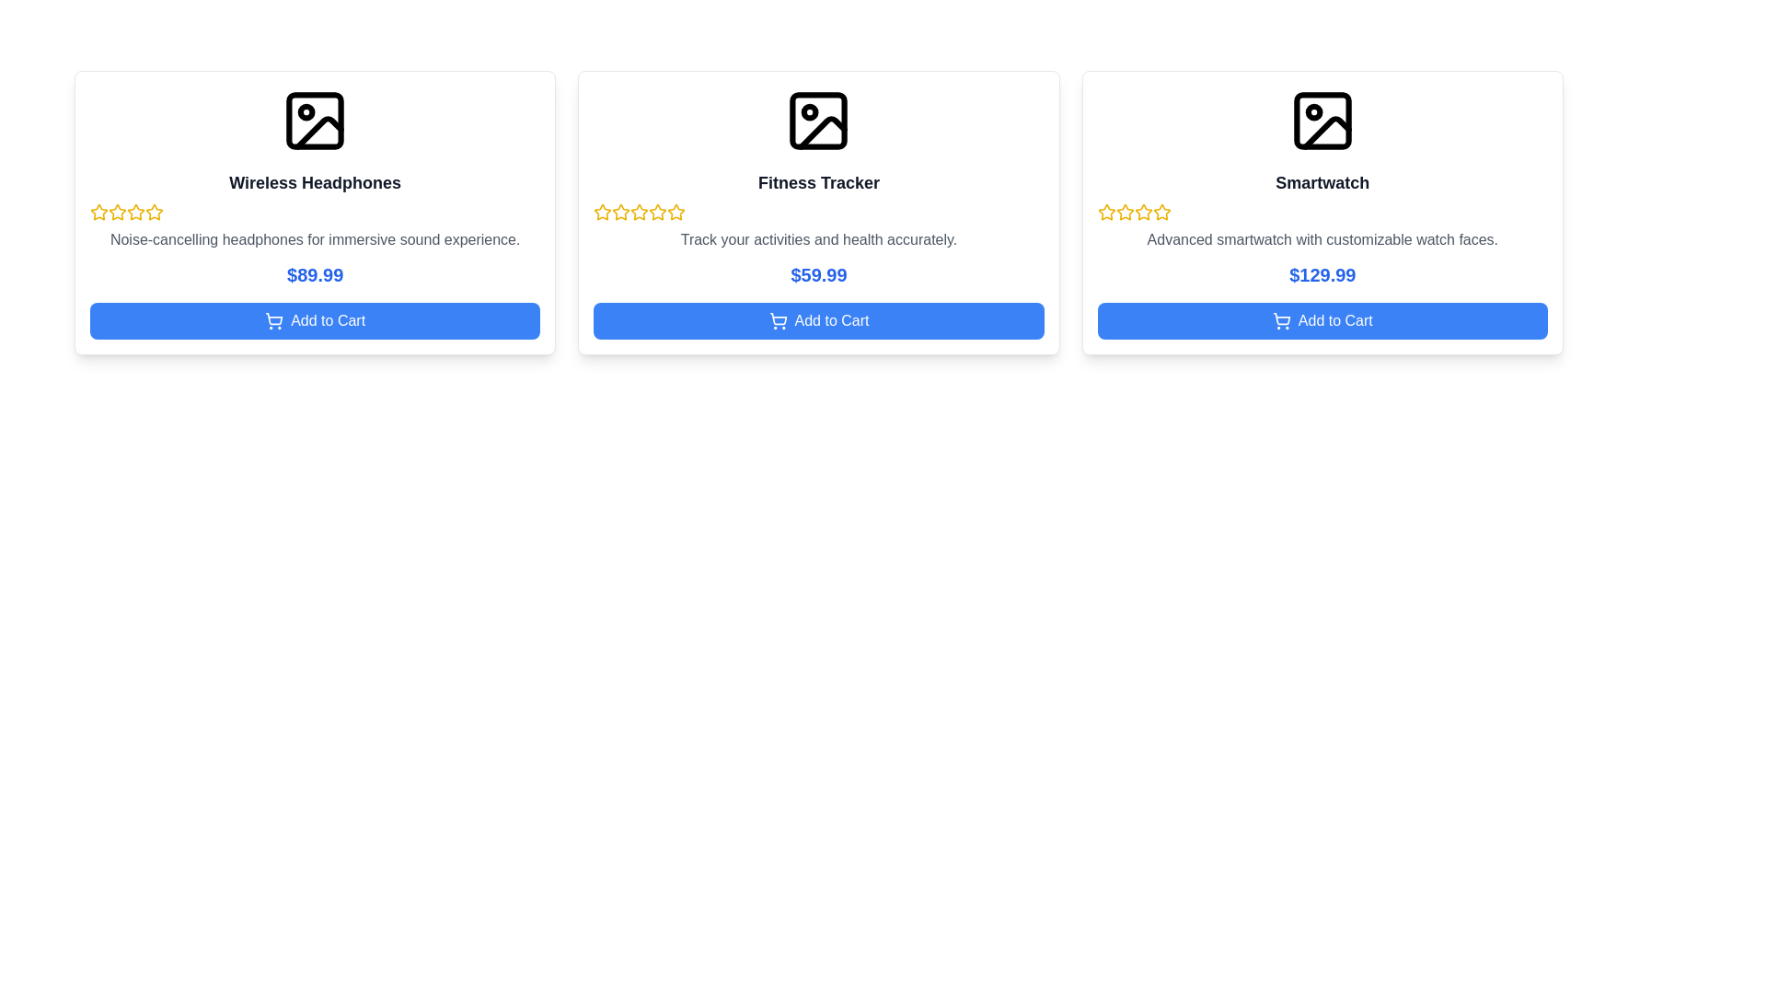  Describe the element at coordinates (315, 319) in the screenshot. I see `the rectangular blue button labeled 'Add to Cart' with a shopping cart icon` at that location.